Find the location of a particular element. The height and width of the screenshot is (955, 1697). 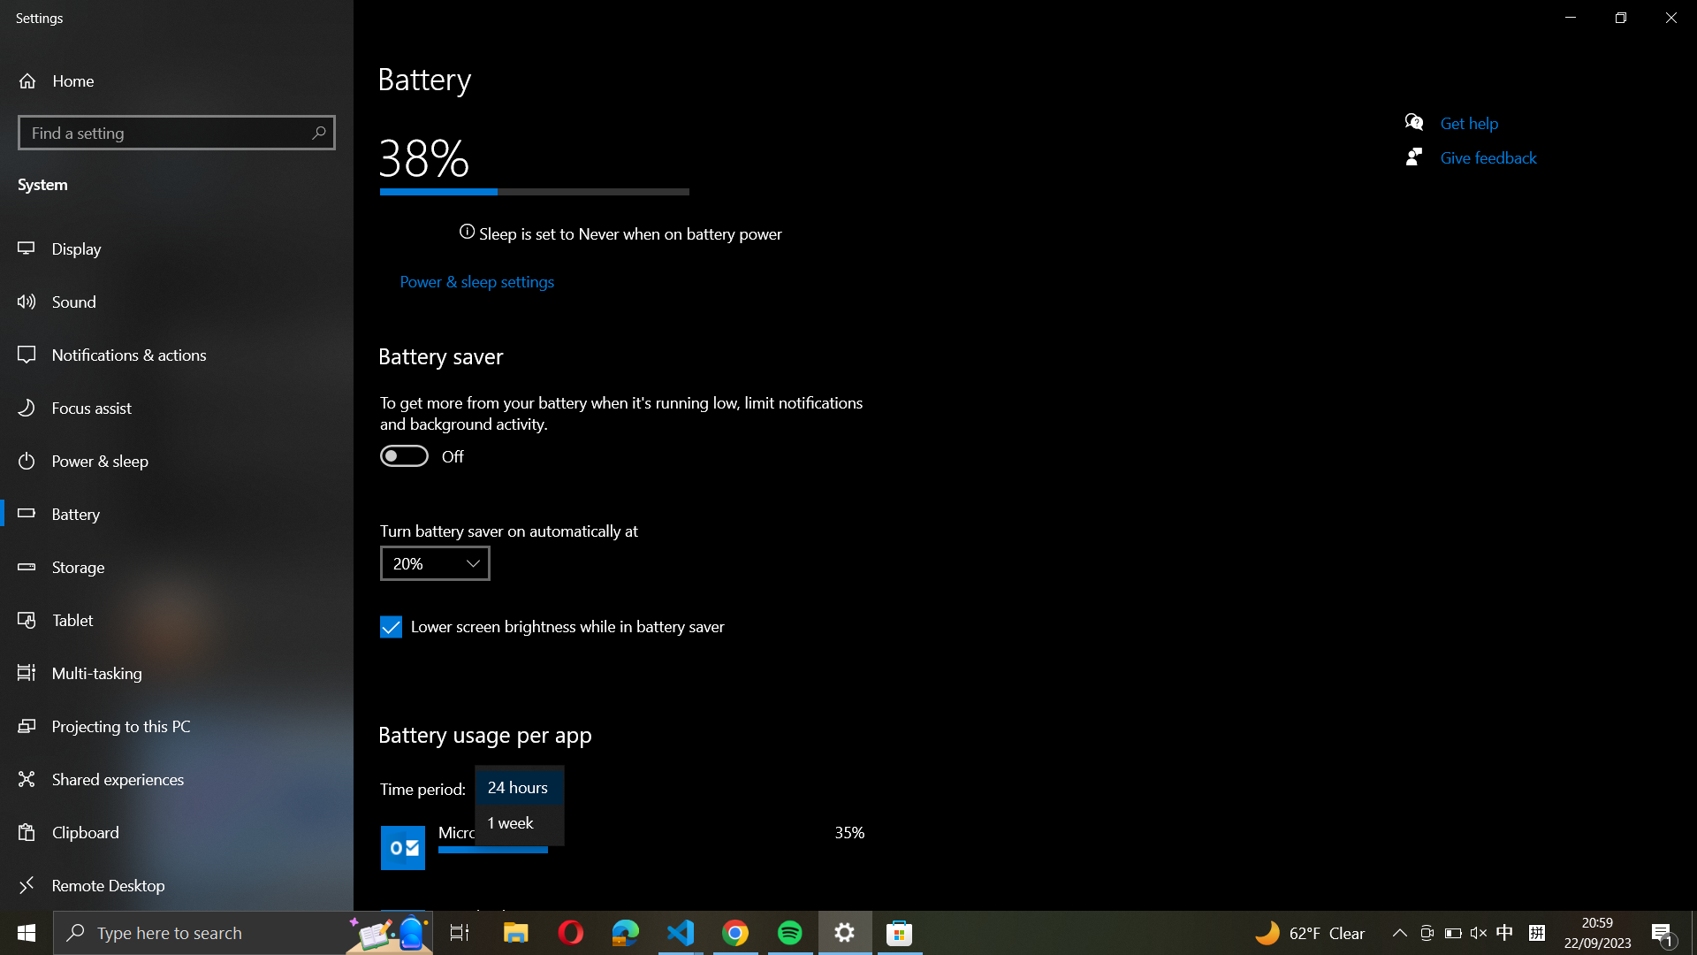

the Home options from the left side panel is located at coordinates (85, 80).